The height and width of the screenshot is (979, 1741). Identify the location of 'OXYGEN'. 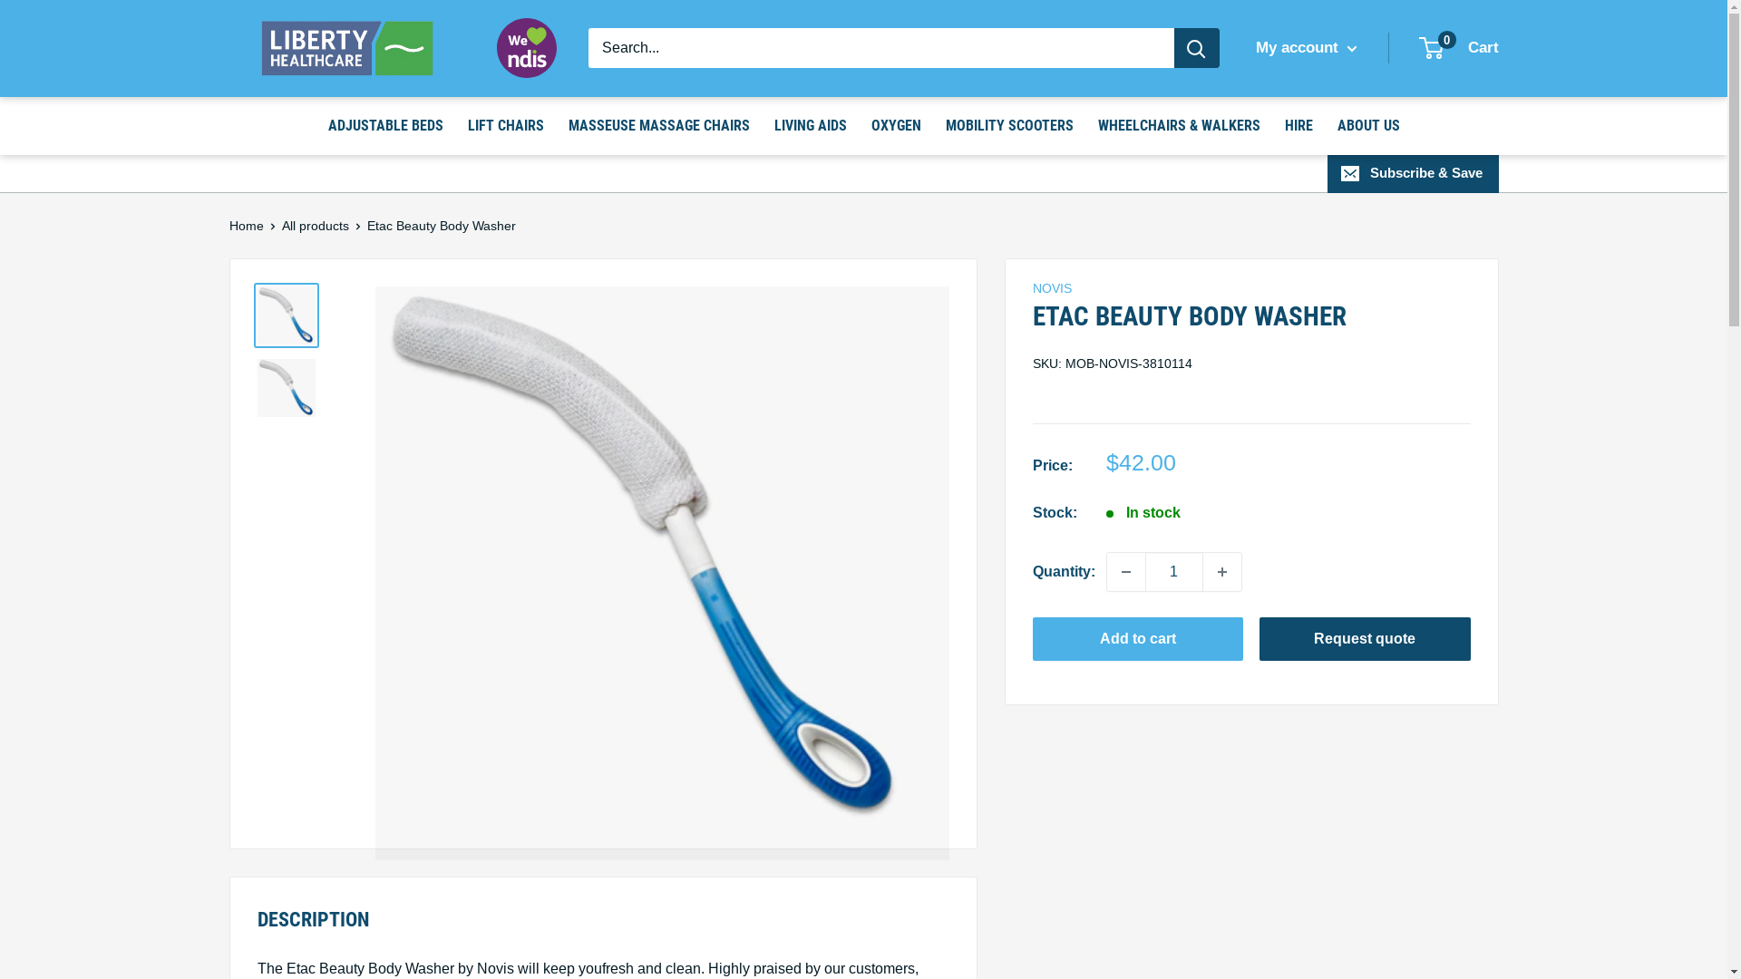
(895, 124).